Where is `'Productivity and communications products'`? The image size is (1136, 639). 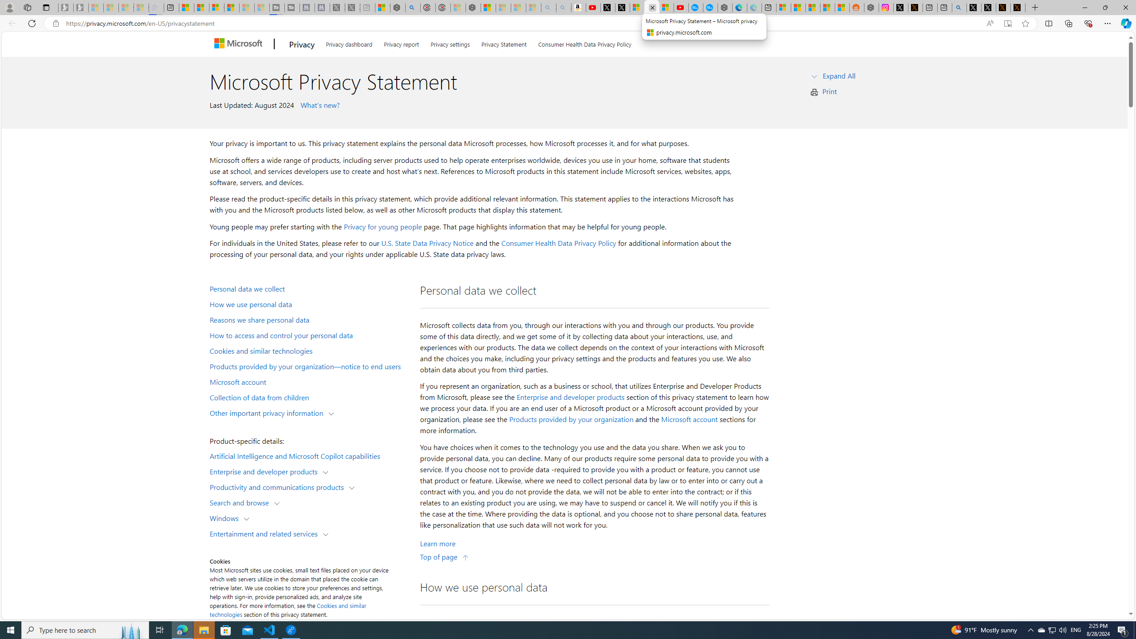
'Productivity and communications products' is located at coordinates (278, 486).